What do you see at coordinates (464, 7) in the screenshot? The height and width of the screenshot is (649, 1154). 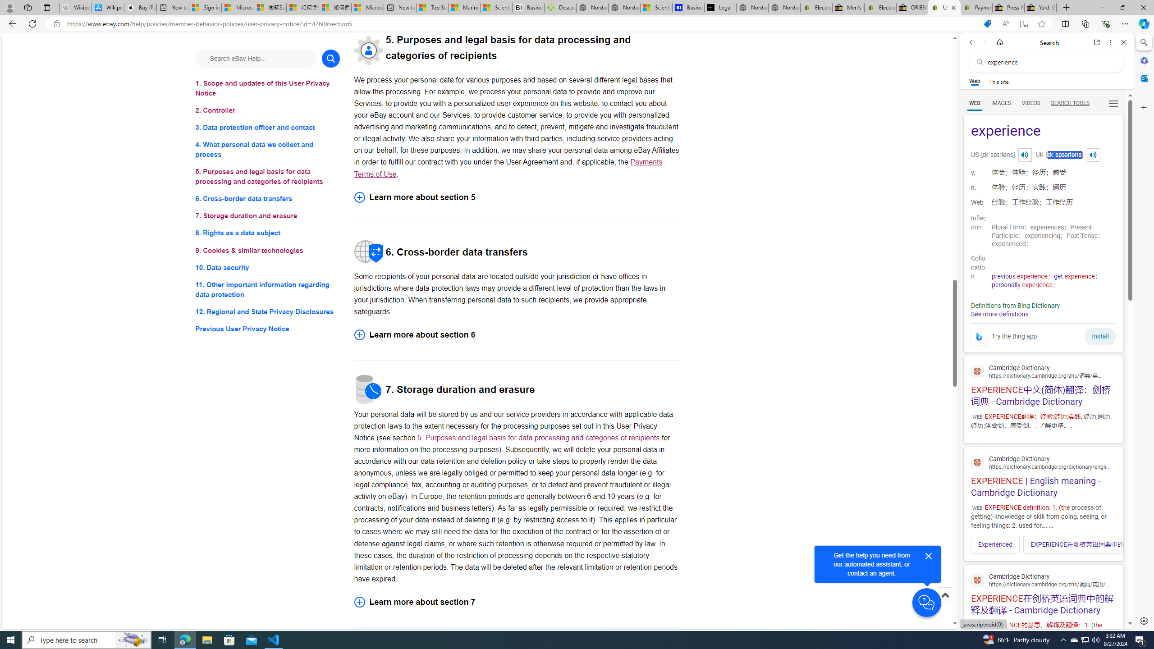 I see `'Marine life - MSN'` at bounding box center [464, 7].